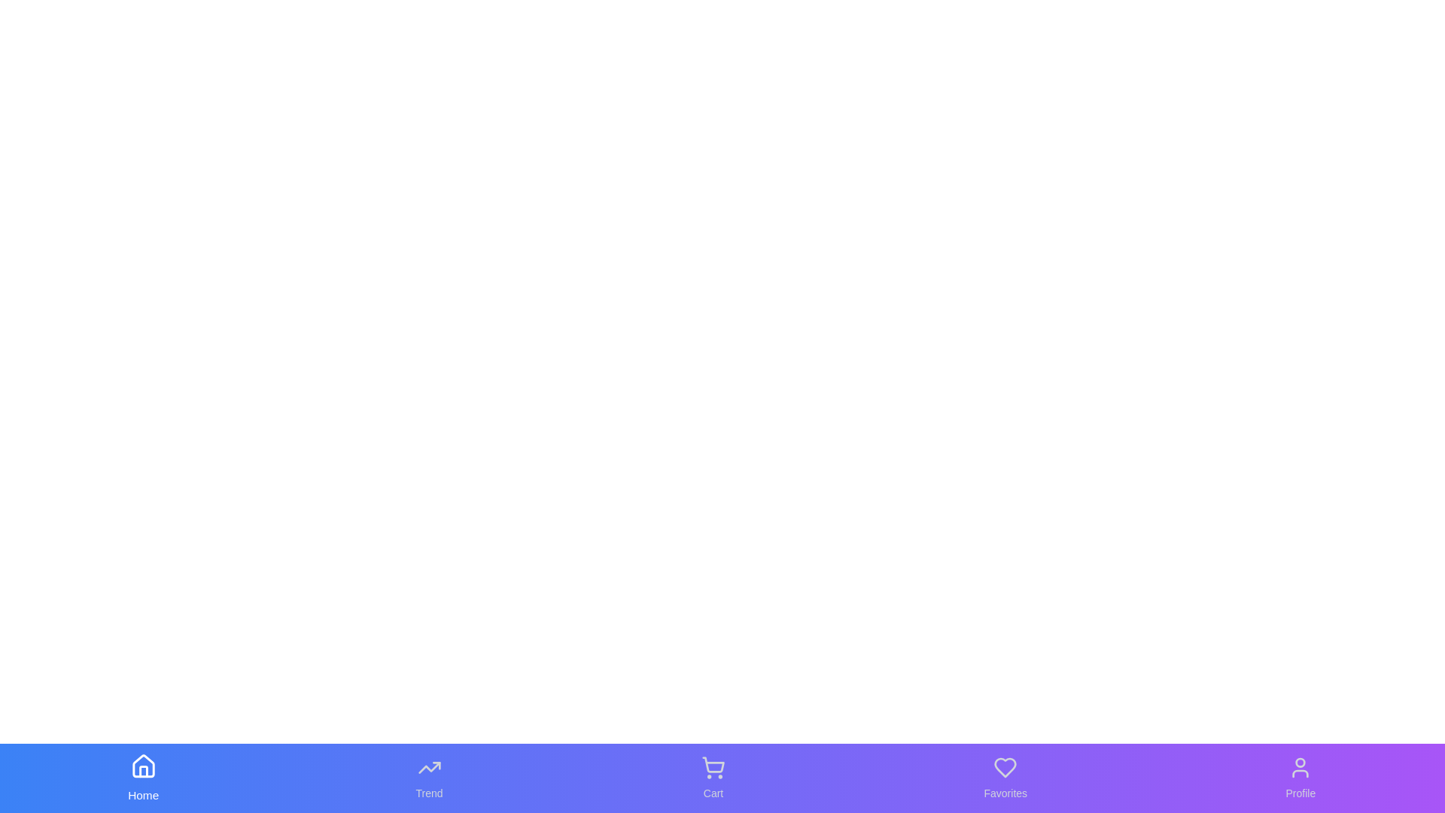 Image resolution: width=1445 pixels, height=813 pixels. Describe the element at coordinates (713, 778) in the screenshot. I see `the Cart tab in the bottom navigation bar` at that location.